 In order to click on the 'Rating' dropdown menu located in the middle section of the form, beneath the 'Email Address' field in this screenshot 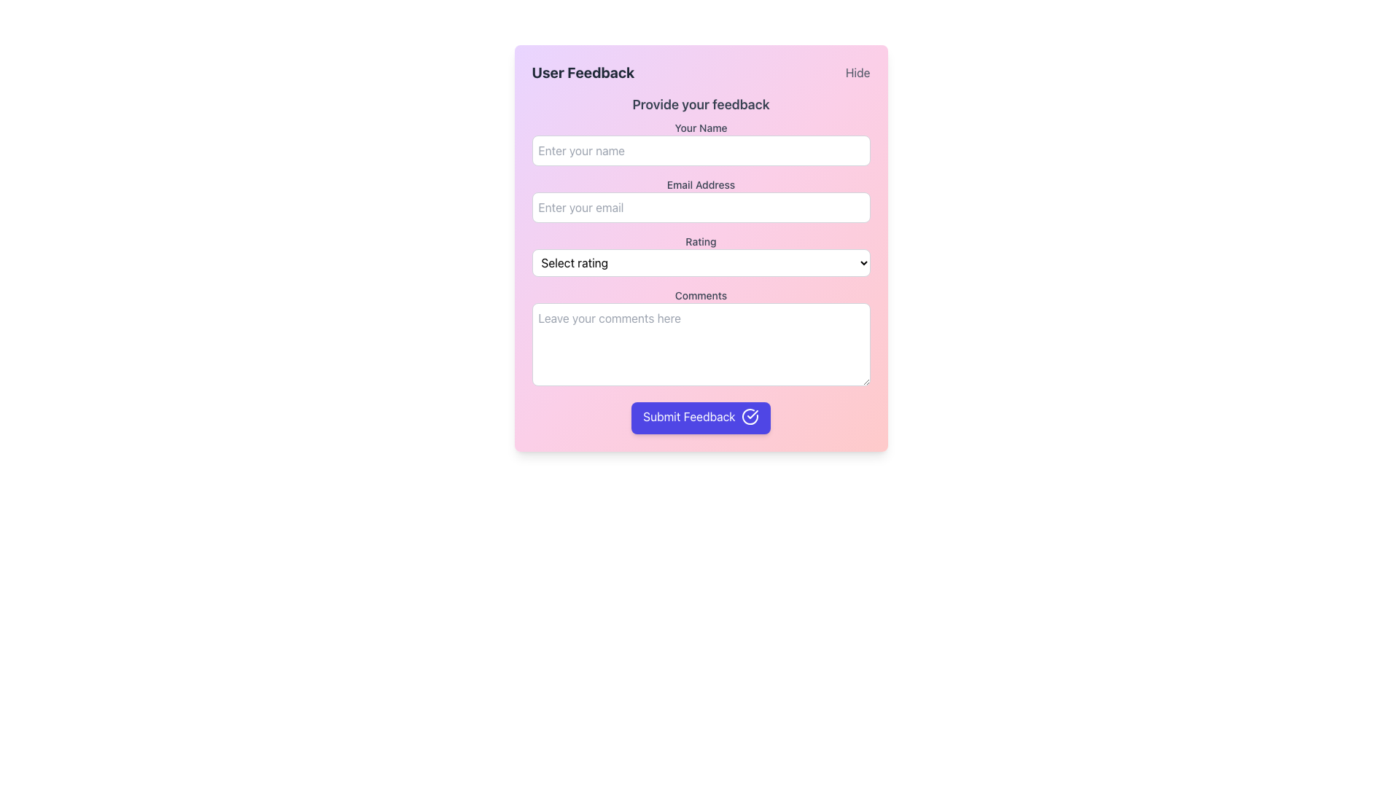, I will do `click(701, 255)`.